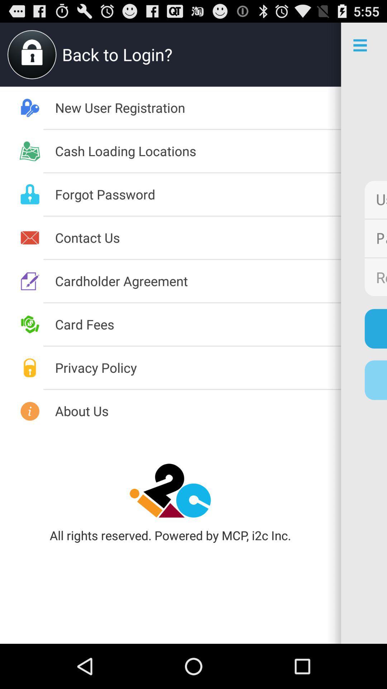  What do you see at coordinates (318, 54) in the screenshot?
I see `item above new user registration icon` at bounding box center [318, 54].